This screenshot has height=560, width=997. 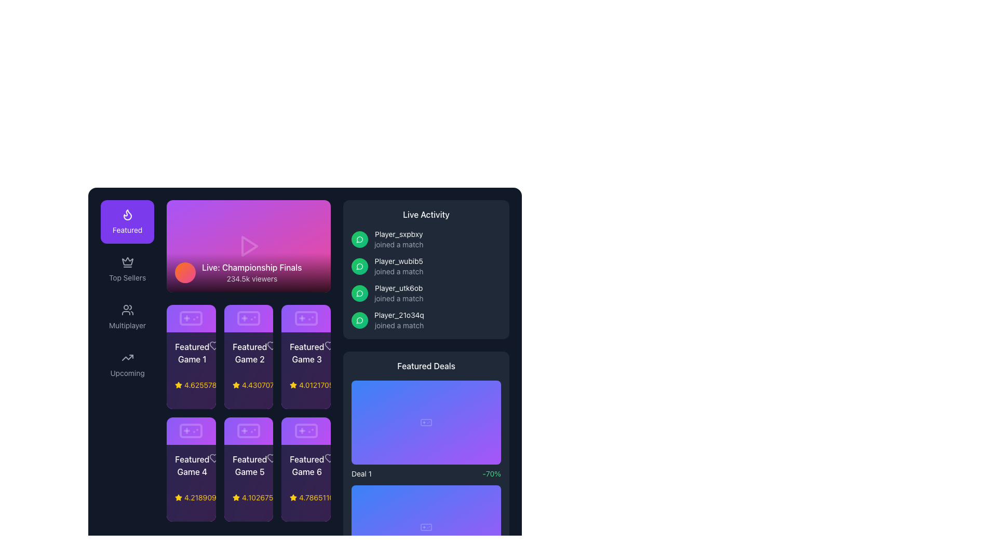 I want to click on text from the featured game label located in the second row and first column under the 'Featured Games' section, specifically the fourth item in the list, so click(x=191, y=465).